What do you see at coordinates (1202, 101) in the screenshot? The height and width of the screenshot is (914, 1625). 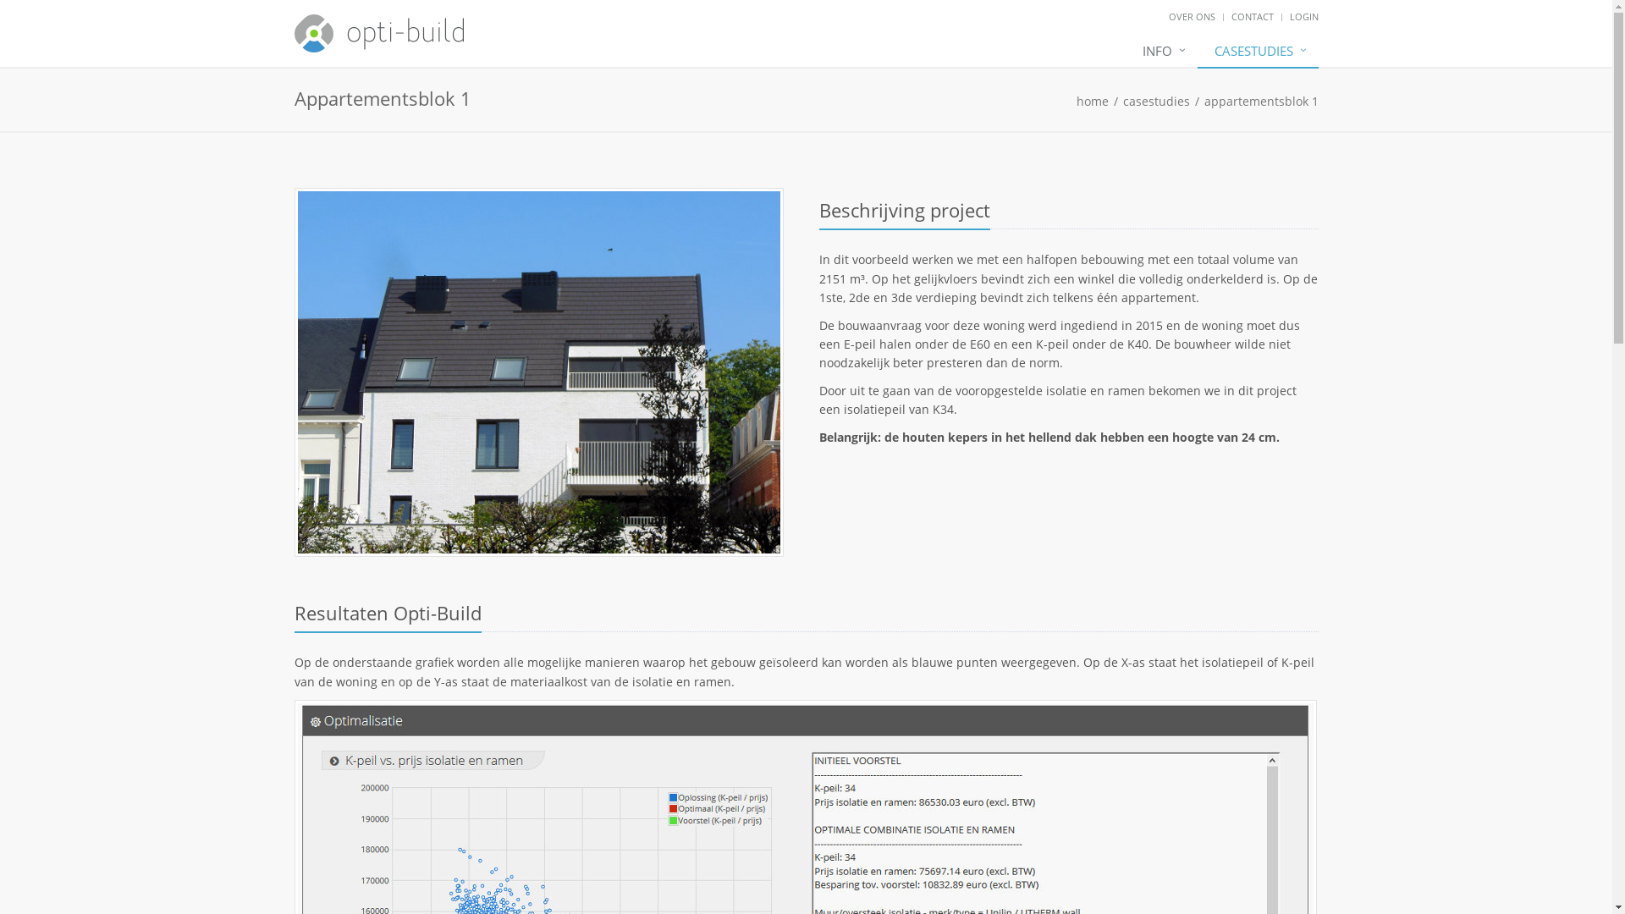 I see `'appartementsblok 1'` at bounding box center [1202, 101].